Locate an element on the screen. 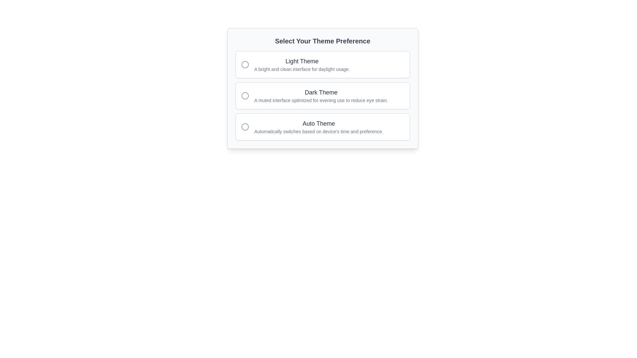  the descriptive text element that explains the 'Auto Theme' option, which is located beneath the 'Auto Theme' title text in the theme preferences panel is located at coordinates (318, 132).